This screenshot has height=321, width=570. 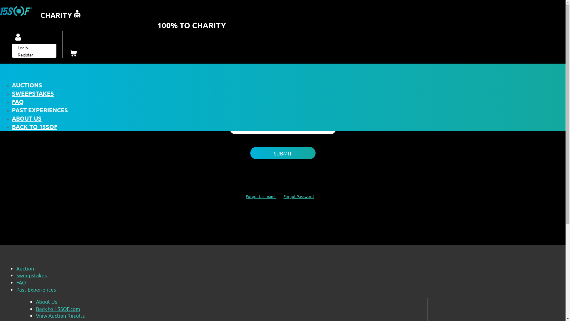 I want to click on 'About Us', so click(x=46, y=301).